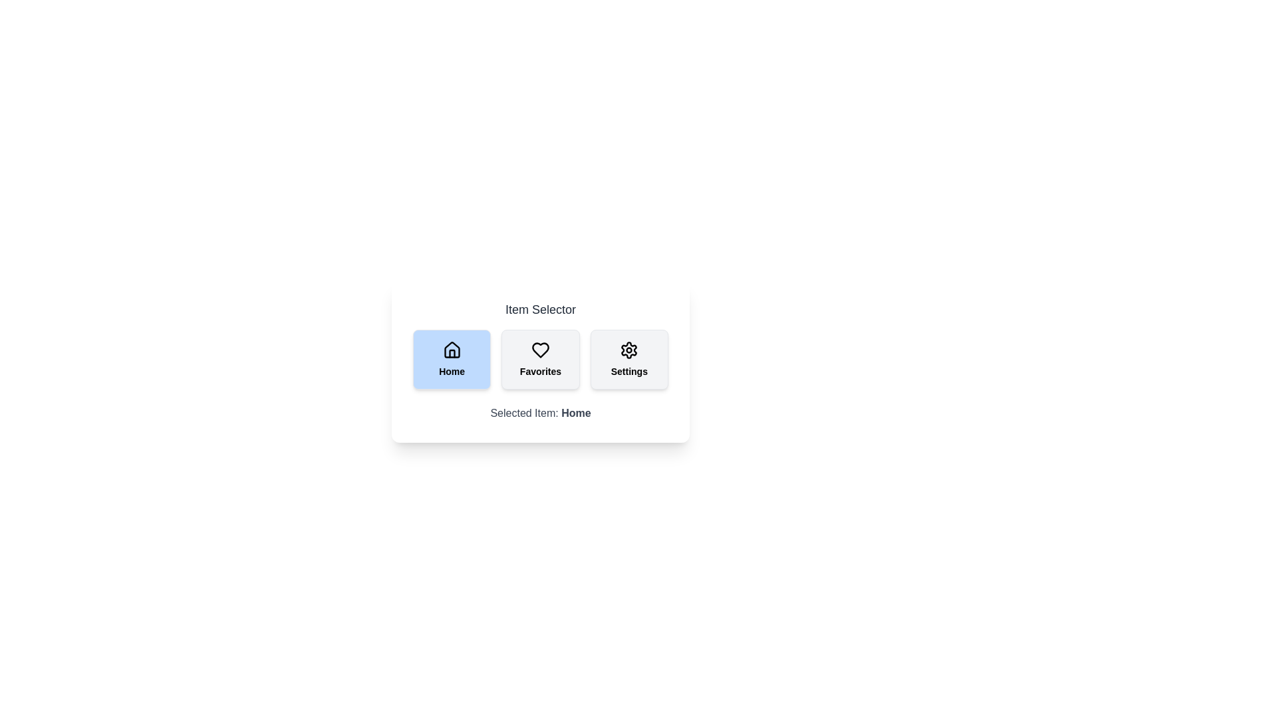 Image resolution: width=1277 pixels, height=718 pixels. I want to click on the button labeled Favorites to select it, so click(540, 359).